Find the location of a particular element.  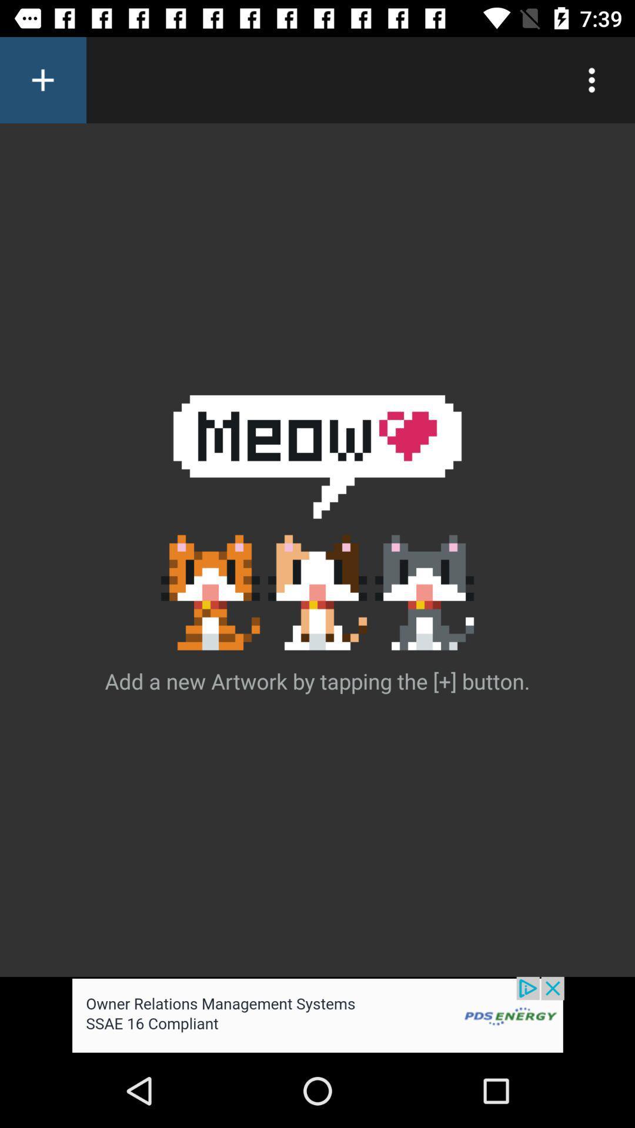

advertisement is located at coordinates (317, 1015).